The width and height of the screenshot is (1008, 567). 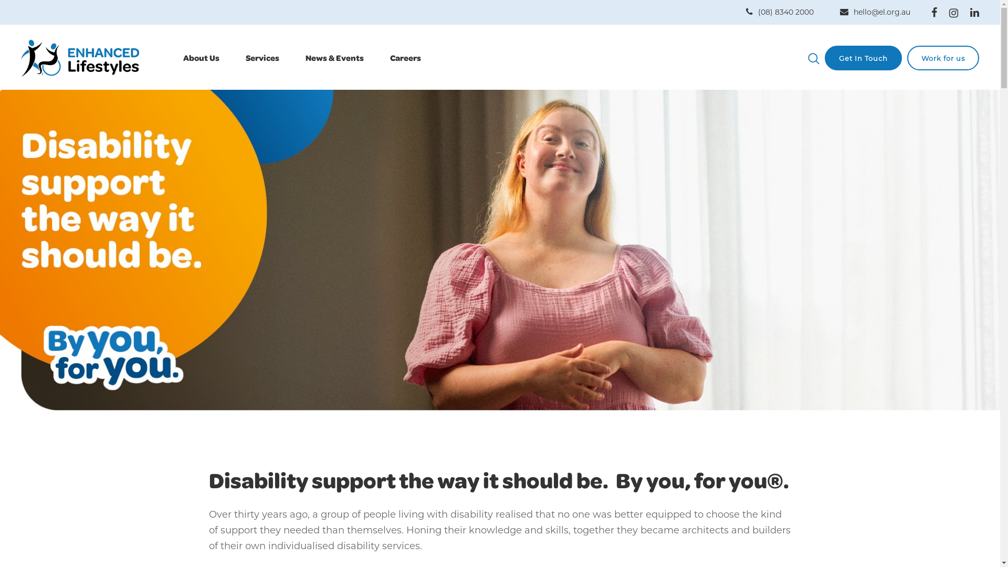 I want to click on 'Get In Touch', so click(x=863, y=58).